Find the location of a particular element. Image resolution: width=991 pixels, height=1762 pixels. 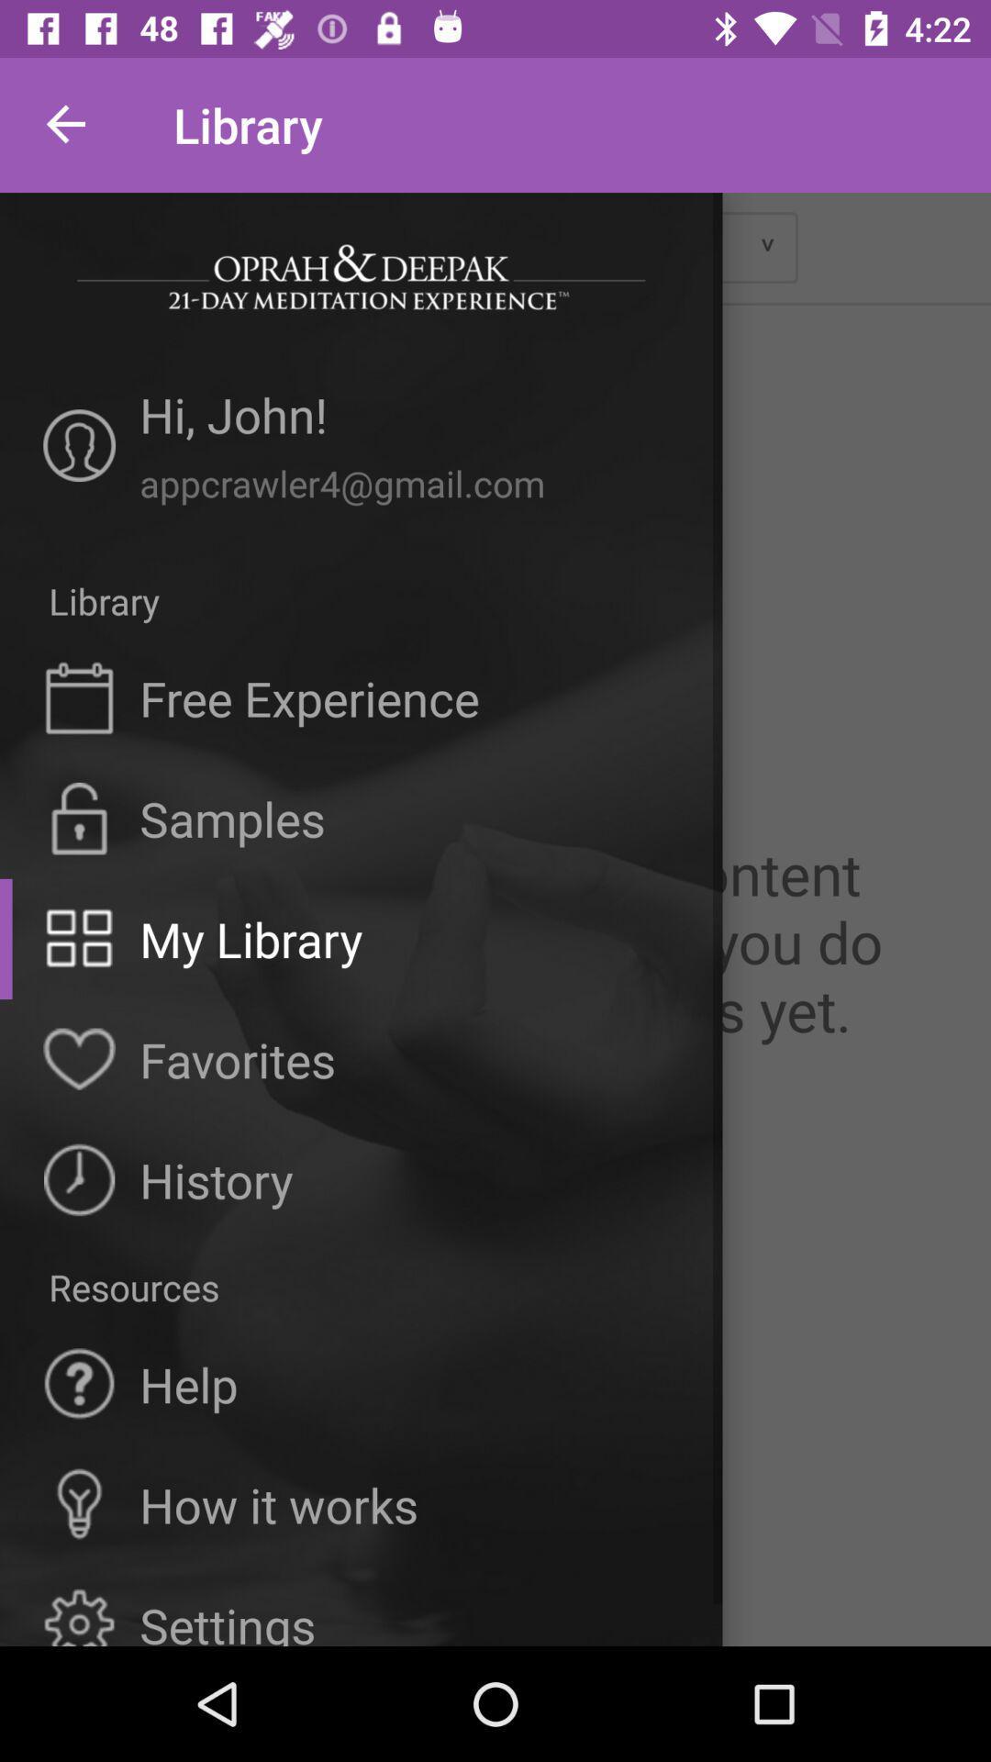

the icon above how it works is located at coordinates (188, 1384).